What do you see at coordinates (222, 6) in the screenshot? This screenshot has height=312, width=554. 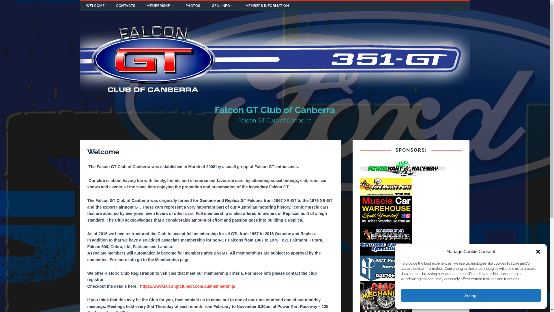 I see `'GEN. INFO'` at bounding box center [222, 6].